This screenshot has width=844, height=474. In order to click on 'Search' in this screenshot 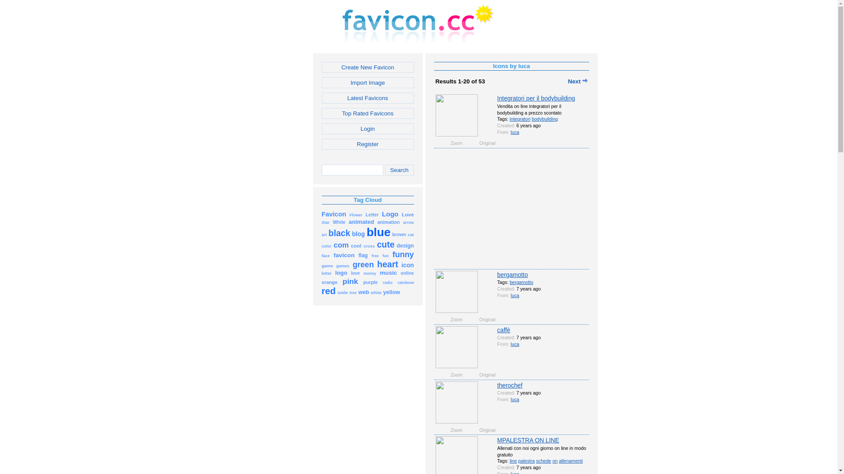, I will do `click(399, 170)`.